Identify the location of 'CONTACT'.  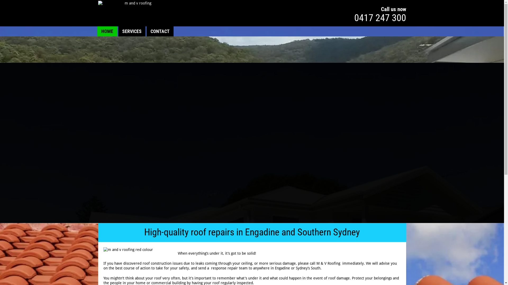
(160, 31).